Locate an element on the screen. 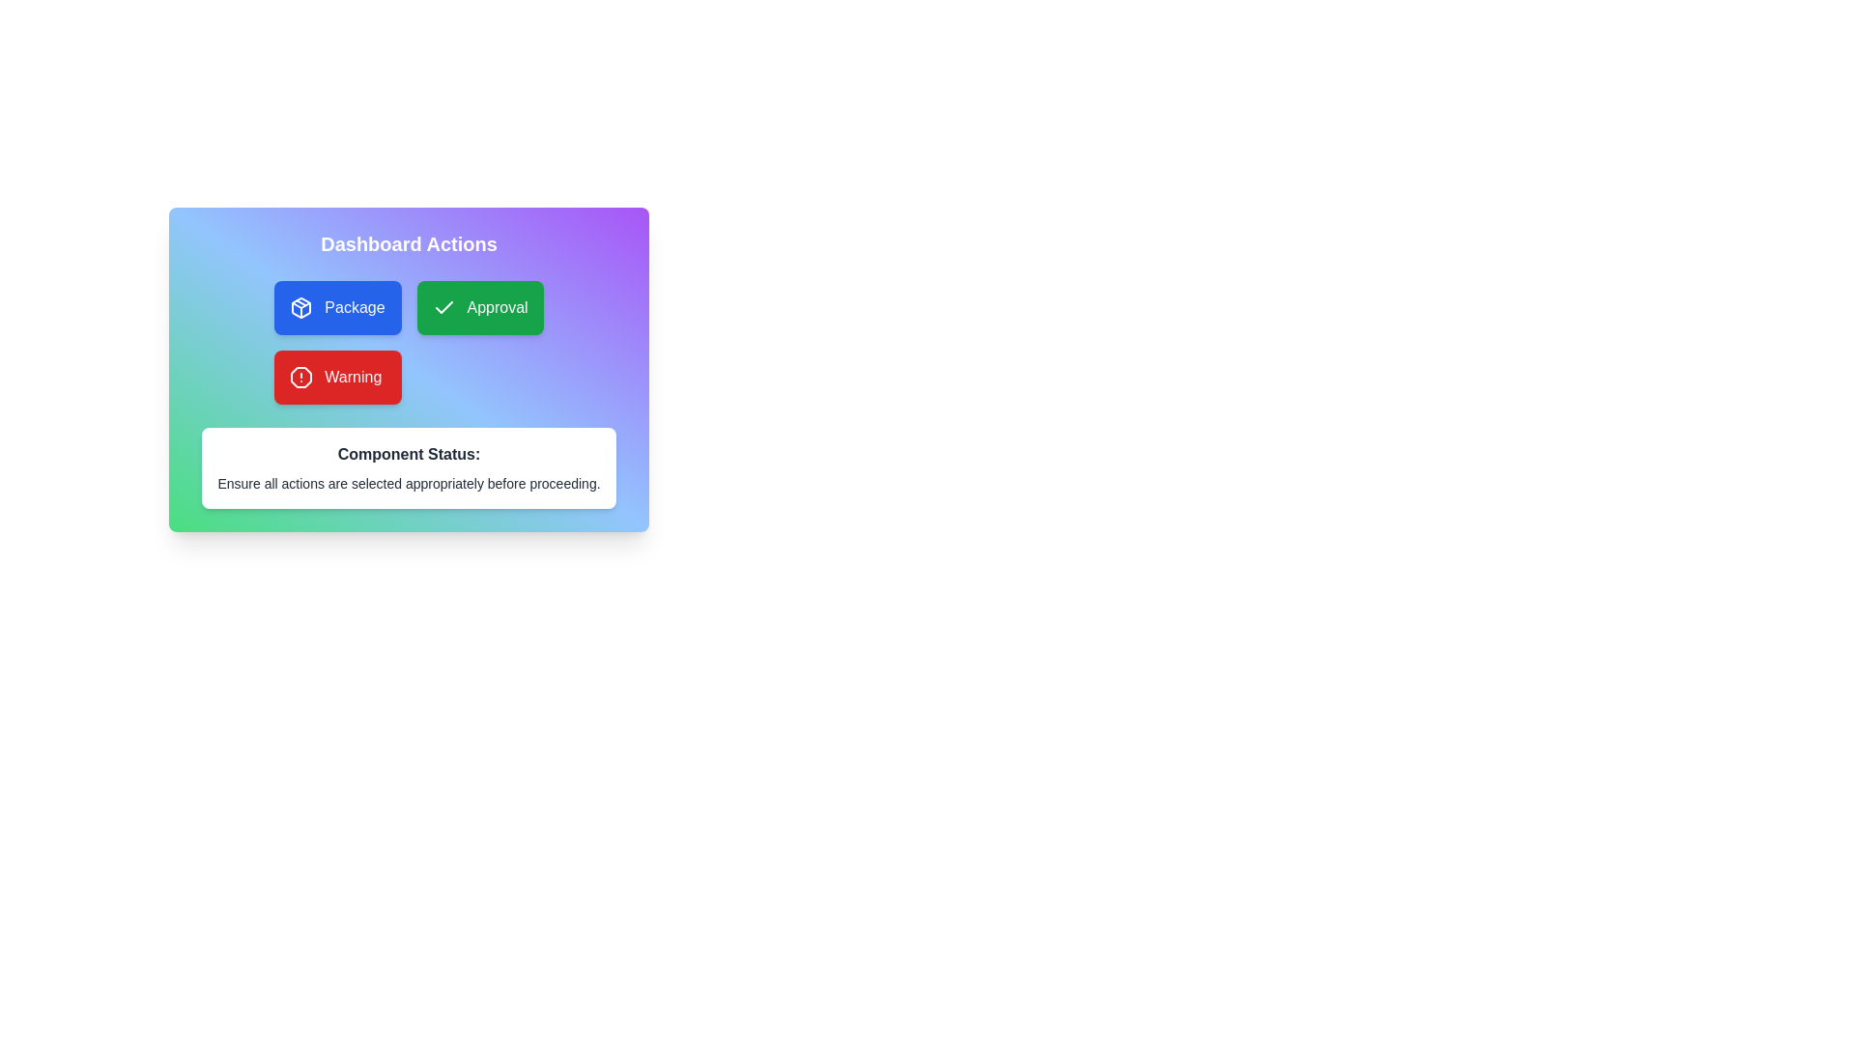 Image resolution: width=1855 pixels, height=1043 pixels. the Static Informational Text Block that displays status messages or instructions, located below the interactive buttons labeled 'Package', 'Approval', and 'Warning' is located at coordinates (408, 468).